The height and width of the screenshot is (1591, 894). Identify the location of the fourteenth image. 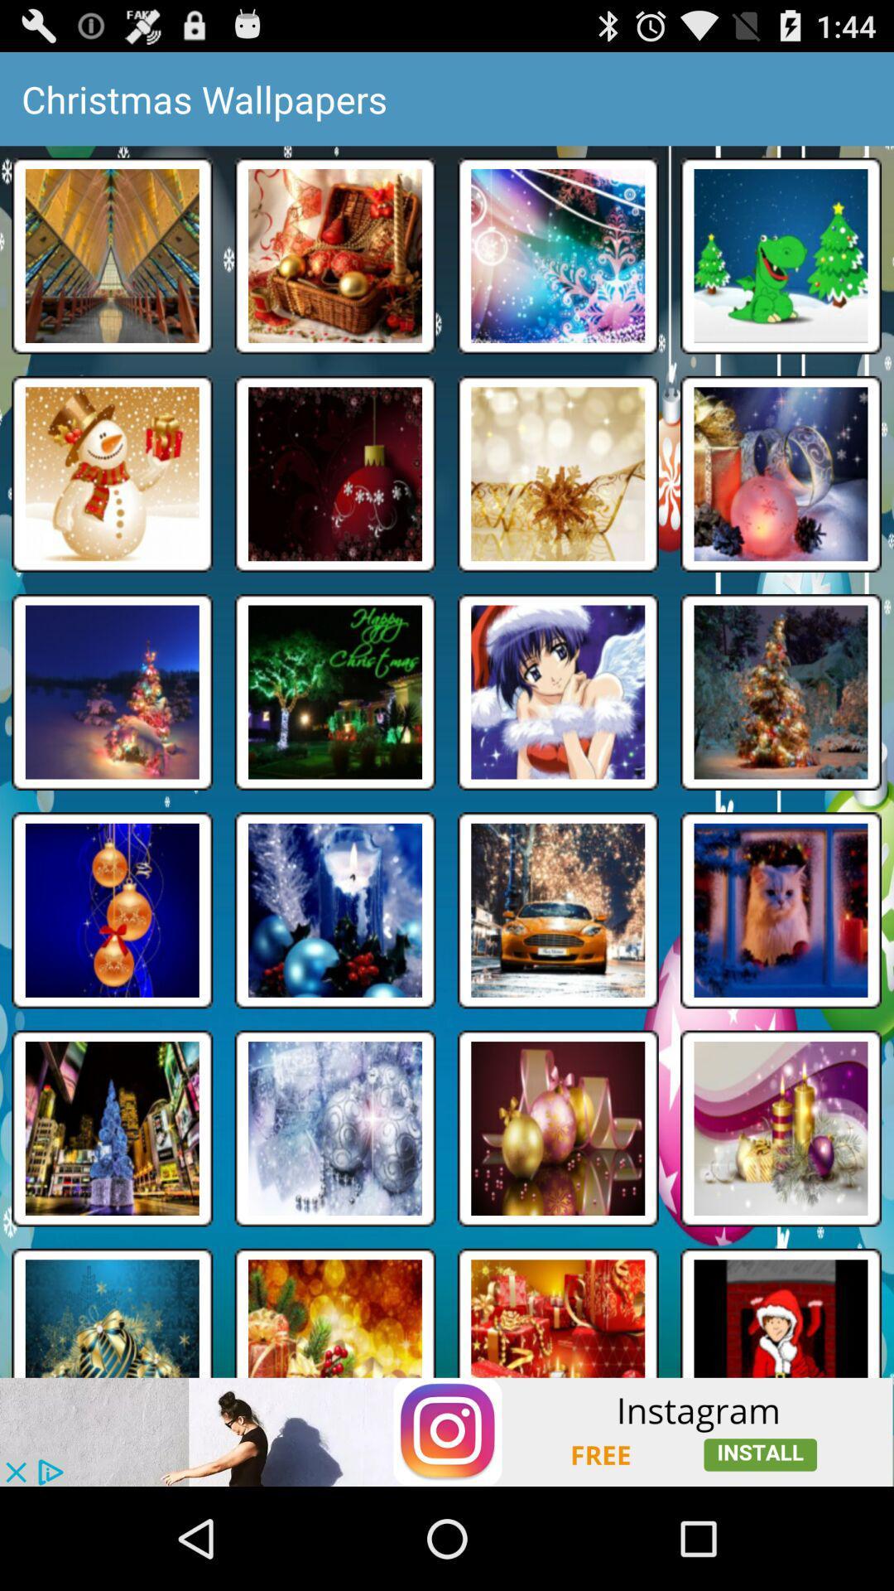
(335, 910).